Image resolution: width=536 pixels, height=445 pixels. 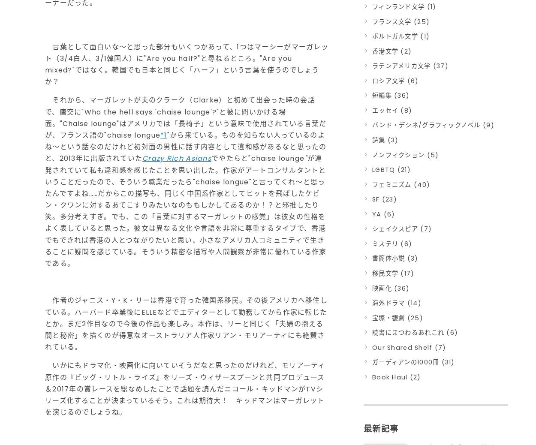 What do you see at coordinates (45, 389) in the screenshot?
I see `'いかにもドラマ化・映画化に向いていそうだなと思ったのだけれど、モリアーティ原作の『ビッグ・リトル・ライズ』をリーズ・ウィザースプーンと共同プロデュース＆2017年の賞レースを総なめしたことで話題を読んだニコール・キッドマンがTVシリーズ化することが決まっているそう。これは期待大！　キッドマンはマーガレットを演じるのでしょうね。'` at bounding box center [45, 389].